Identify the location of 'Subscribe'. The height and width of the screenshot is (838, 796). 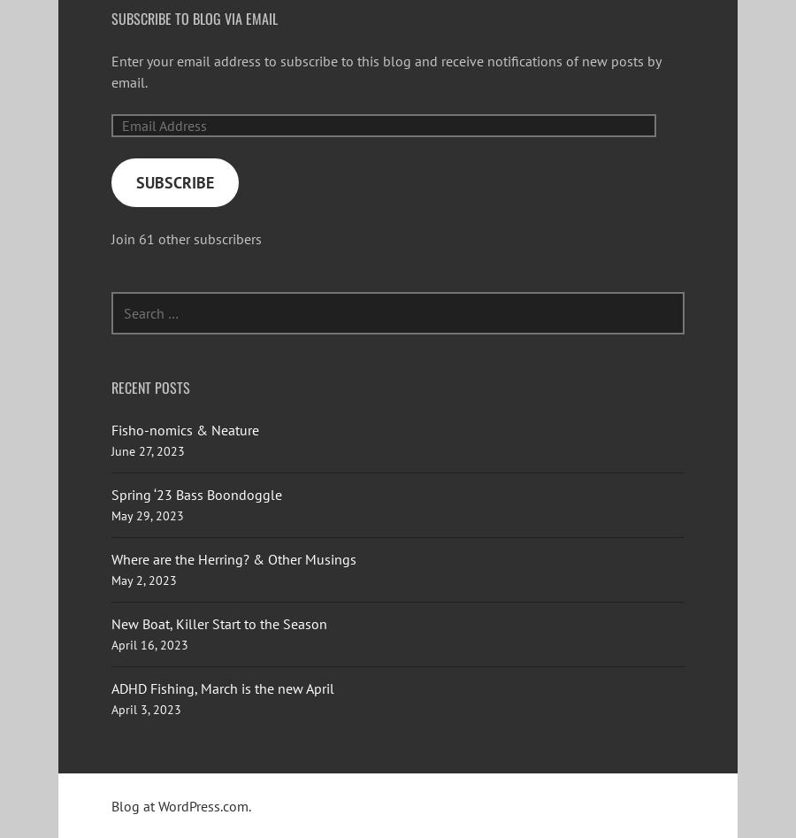
(174, 182).